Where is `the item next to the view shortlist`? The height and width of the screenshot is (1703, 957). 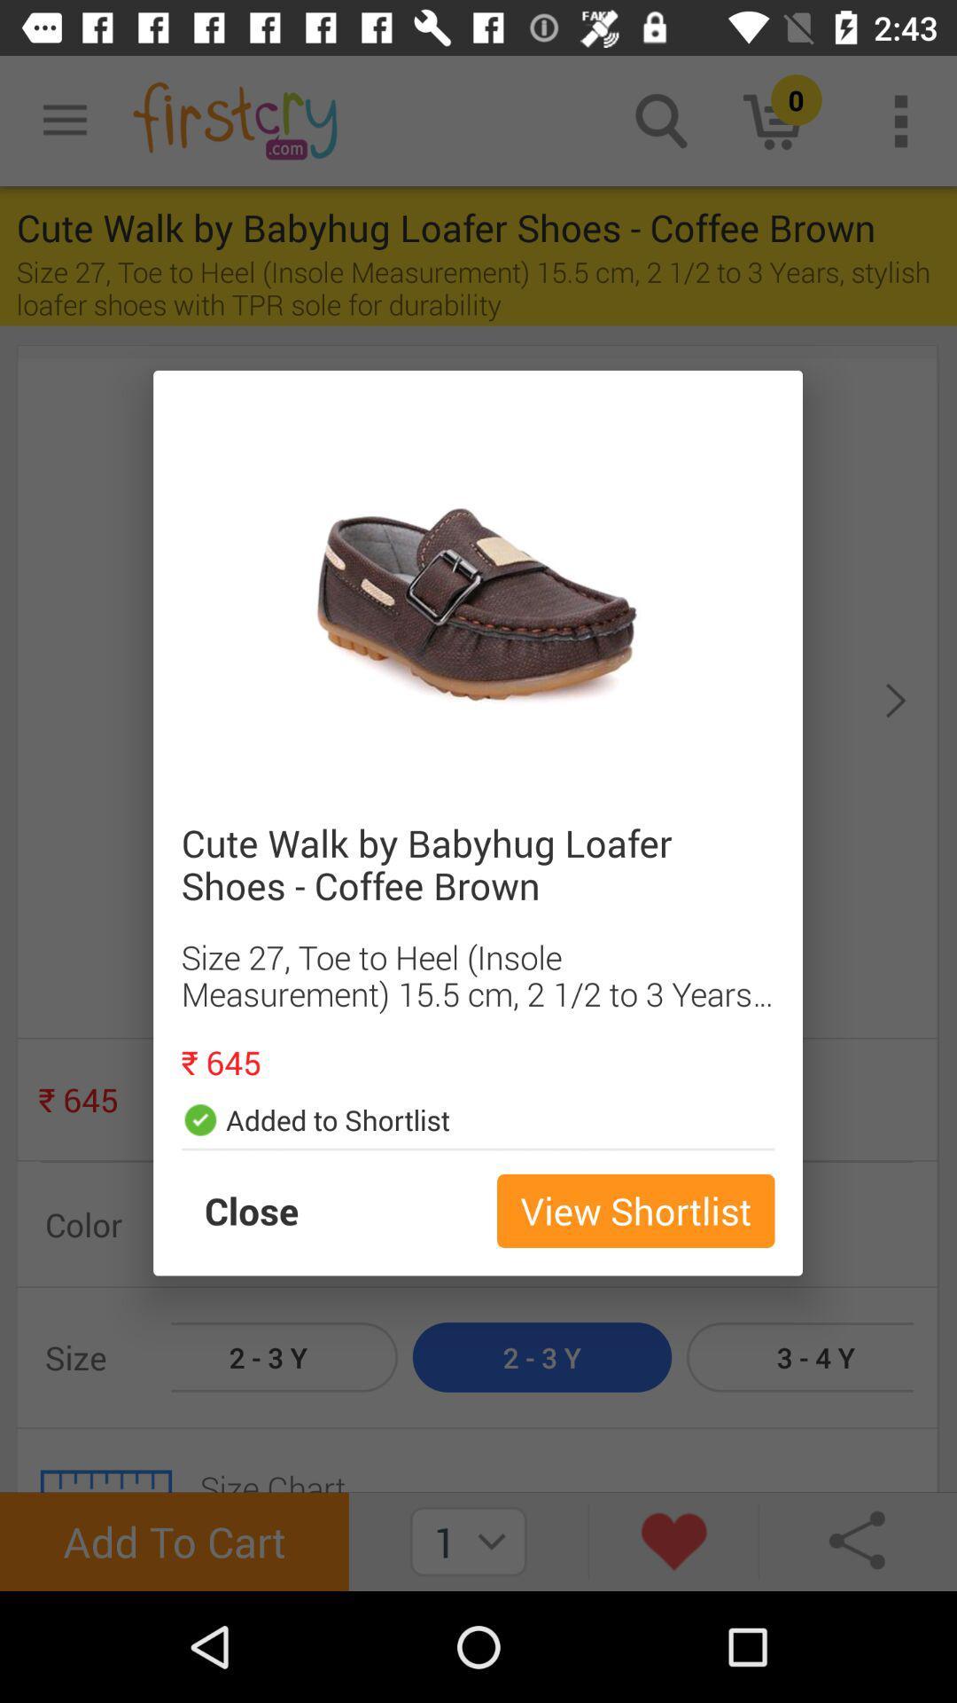
the item next to the view shortlist is located at coordinates (269, 1210).